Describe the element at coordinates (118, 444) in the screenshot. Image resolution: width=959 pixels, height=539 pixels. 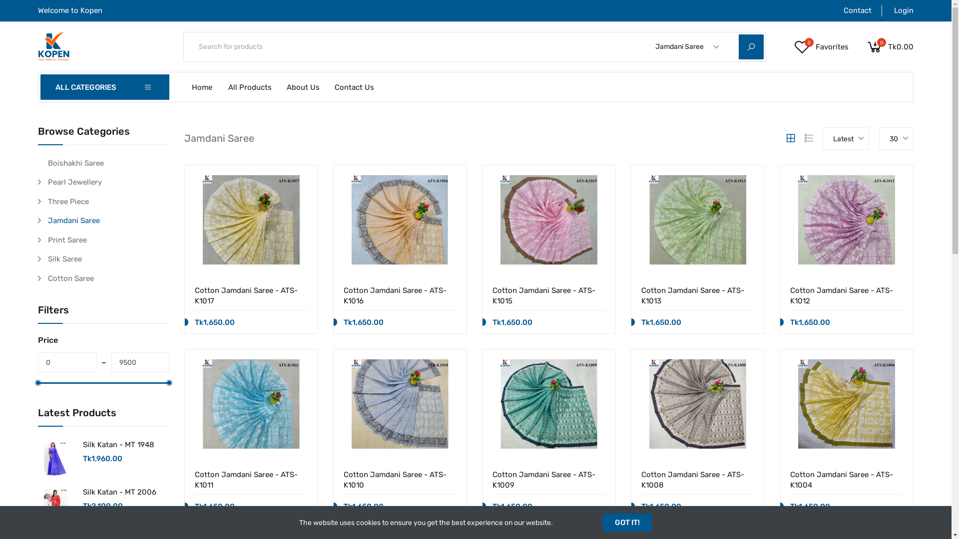
I see `'Silk Katan - MT 1948'` at that location.